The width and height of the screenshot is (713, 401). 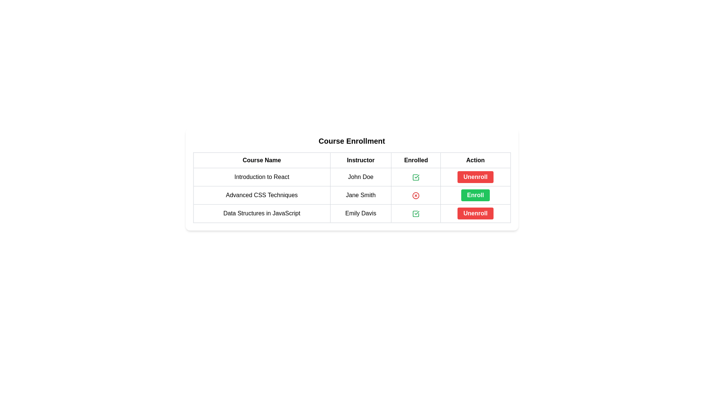 I want to click on the Text label that serves as the title of the course in the 'Course Enrollment' table, located in the second row and first column, so click(x=261, y=195).